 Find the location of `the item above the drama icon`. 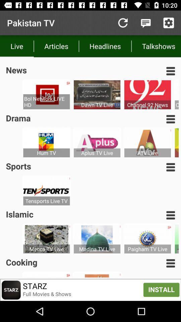

the item above the drama icon is located at coordinates (46, 102).